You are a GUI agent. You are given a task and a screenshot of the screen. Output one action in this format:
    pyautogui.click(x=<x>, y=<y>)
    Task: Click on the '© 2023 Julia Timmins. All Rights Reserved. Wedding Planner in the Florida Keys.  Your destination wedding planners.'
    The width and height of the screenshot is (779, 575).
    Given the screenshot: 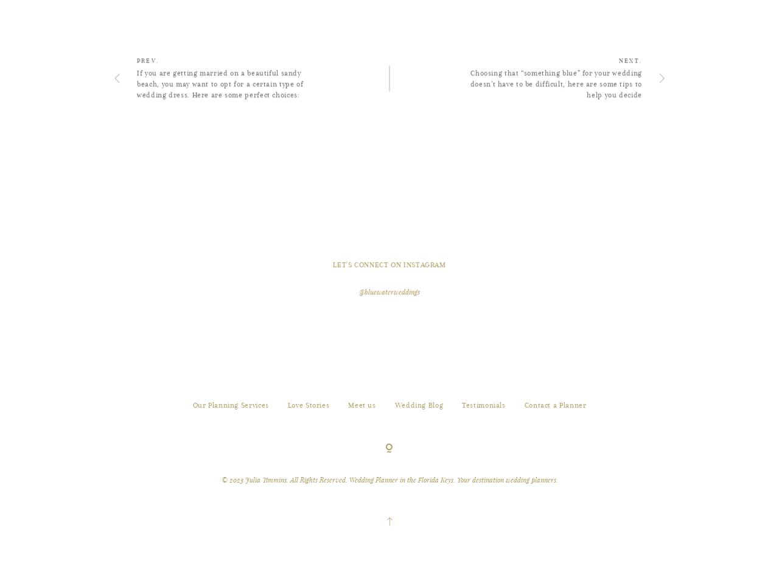 What is the action you would take?
    pyautogui.click(x=388, y=535)
    